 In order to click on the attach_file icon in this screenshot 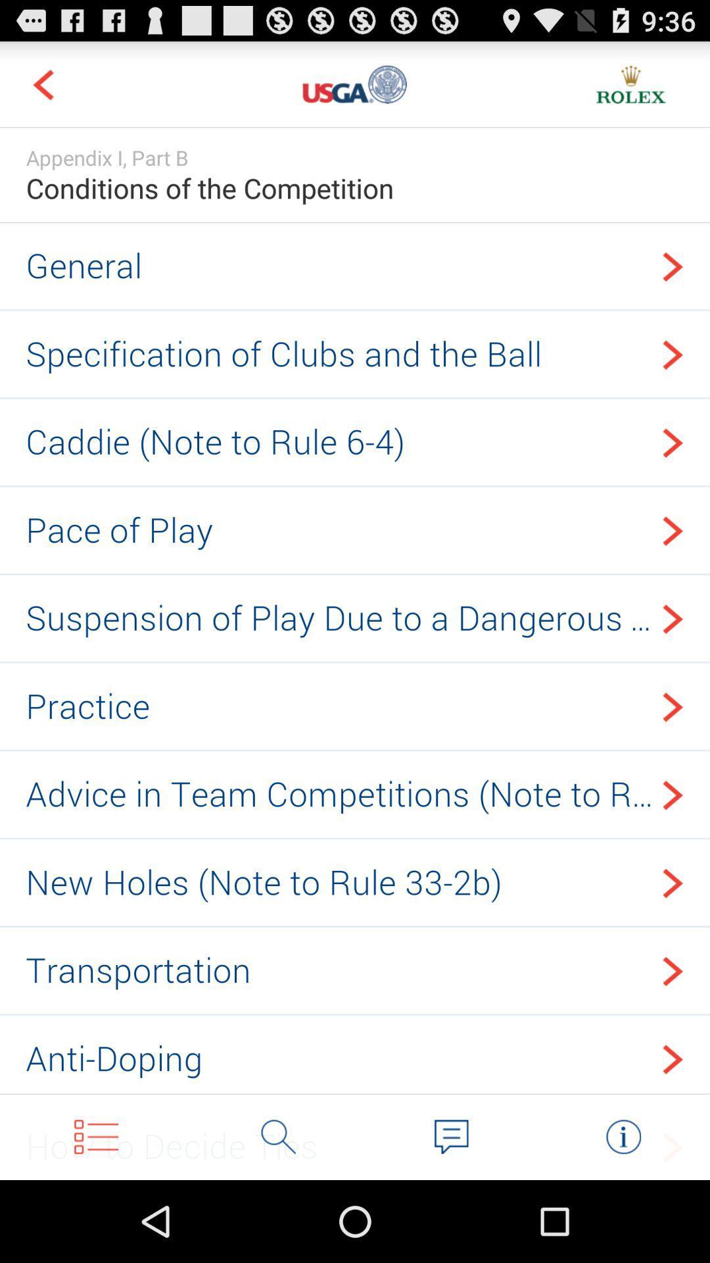, I will do `click(623, 1216)`.